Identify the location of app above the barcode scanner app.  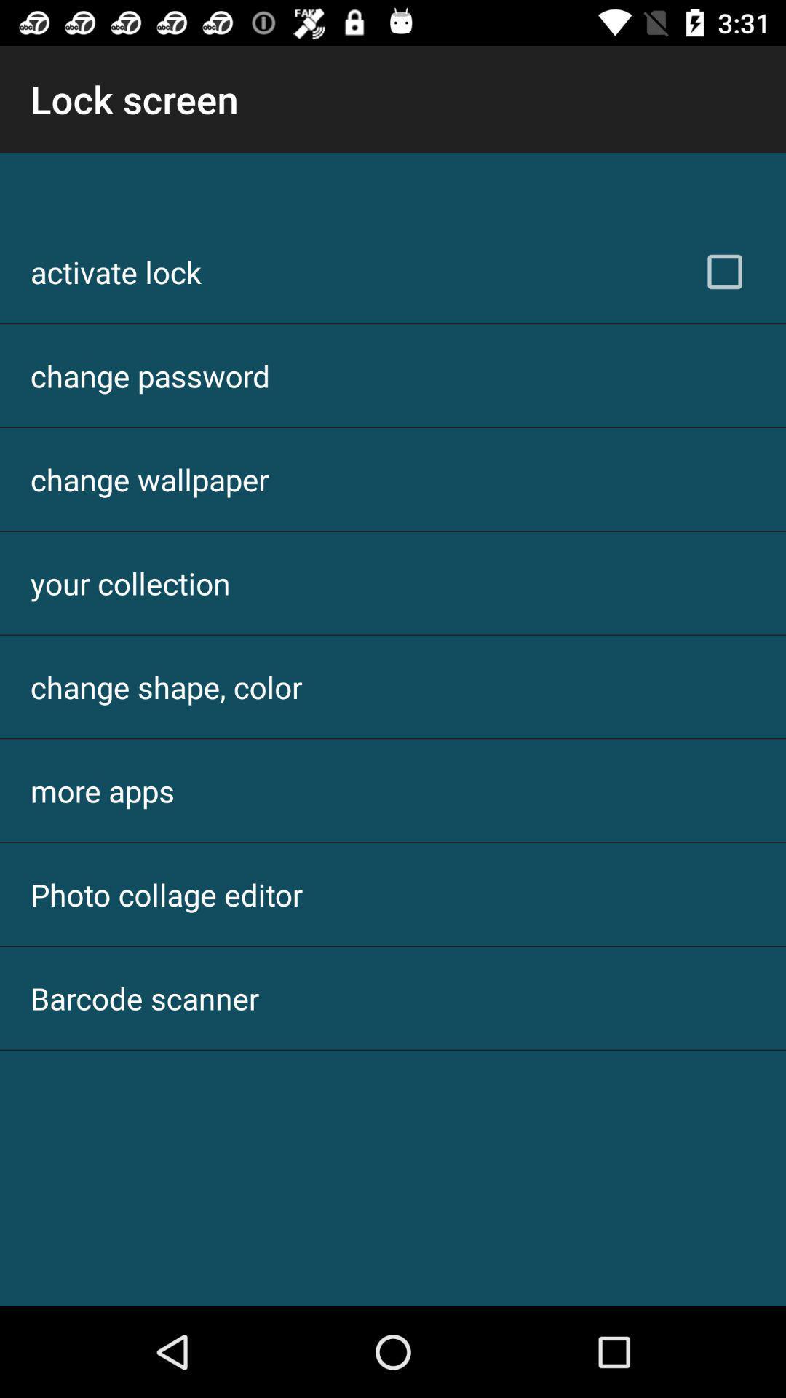
(166, 893).